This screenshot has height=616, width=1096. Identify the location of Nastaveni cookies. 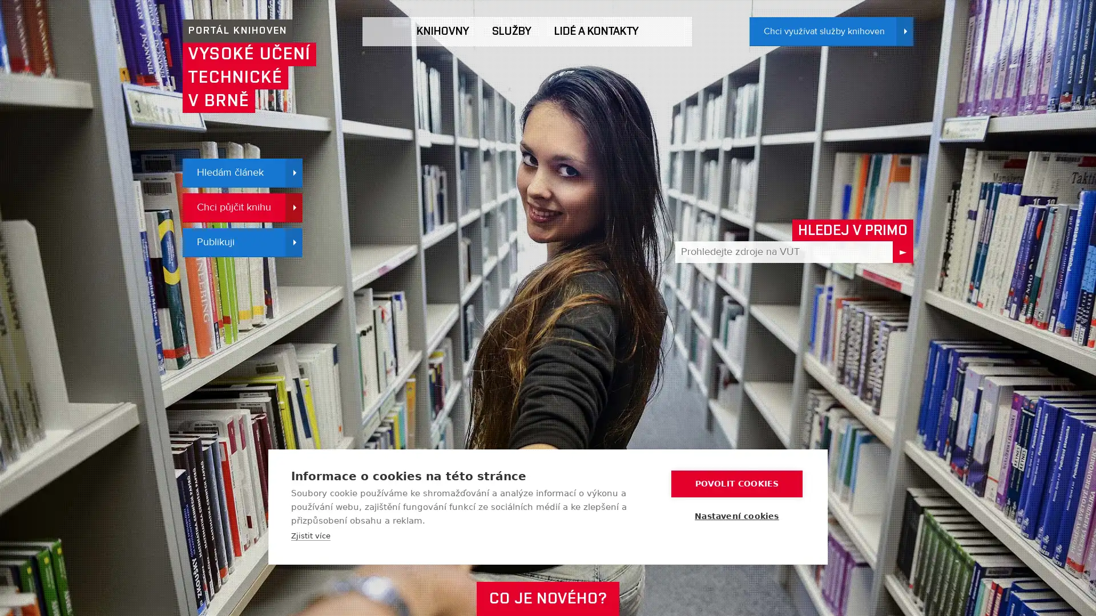
(737, 516).